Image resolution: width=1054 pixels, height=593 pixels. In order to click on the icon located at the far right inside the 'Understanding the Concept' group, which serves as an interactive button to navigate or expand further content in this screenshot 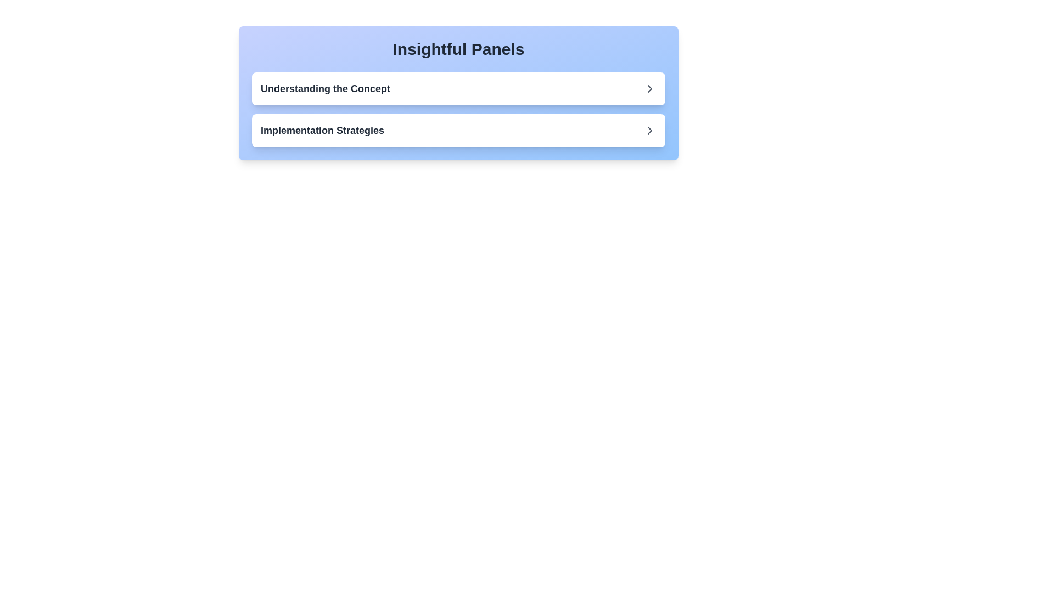, I will do `click(650, 88)`.